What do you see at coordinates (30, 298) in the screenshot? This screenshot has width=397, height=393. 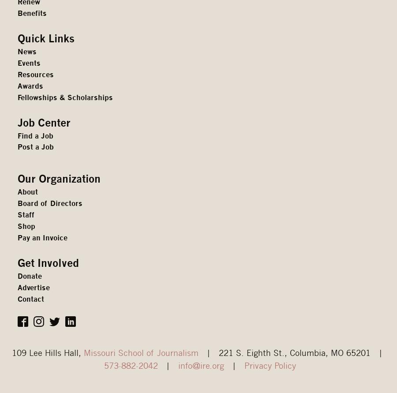 I see `'Contact'` at bounding box center [30, 298].